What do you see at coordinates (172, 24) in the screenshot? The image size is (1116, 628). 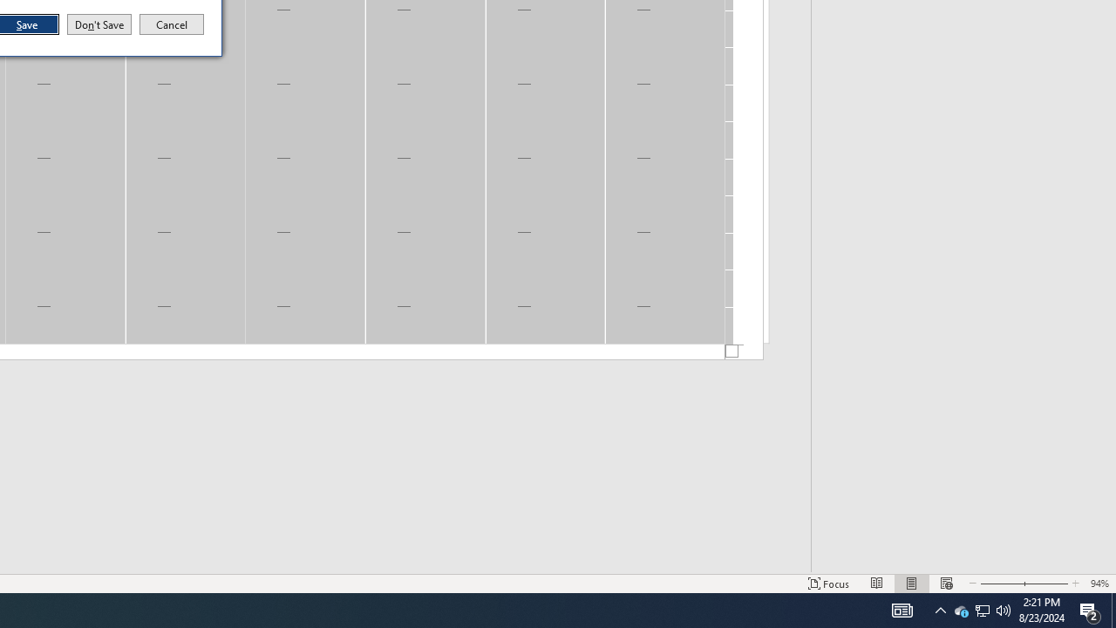 I see `'Cancel'` at bounding box center [172, 24].